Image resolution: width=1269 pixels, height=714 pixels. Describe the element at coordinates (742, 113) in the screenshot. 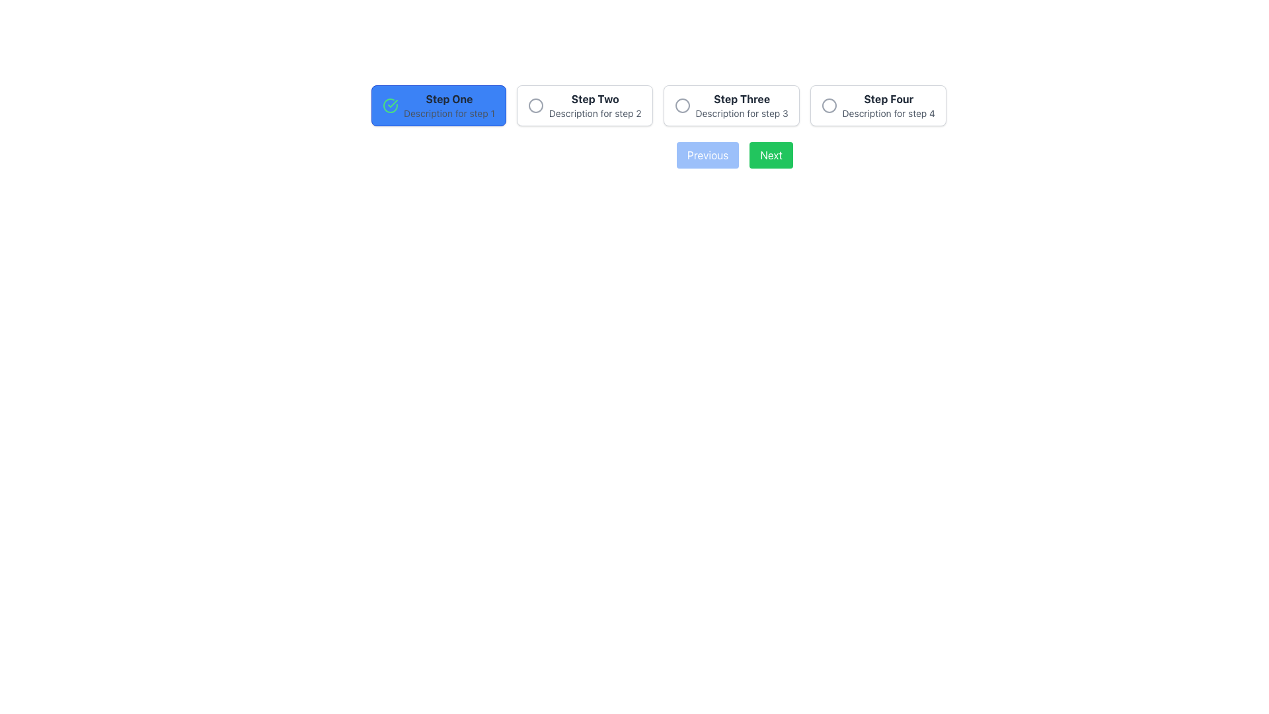

I see `the informational label located underneath the heading 'Step Three' in the sequence of steps, which provides additional descriptive information about step three` at that location.